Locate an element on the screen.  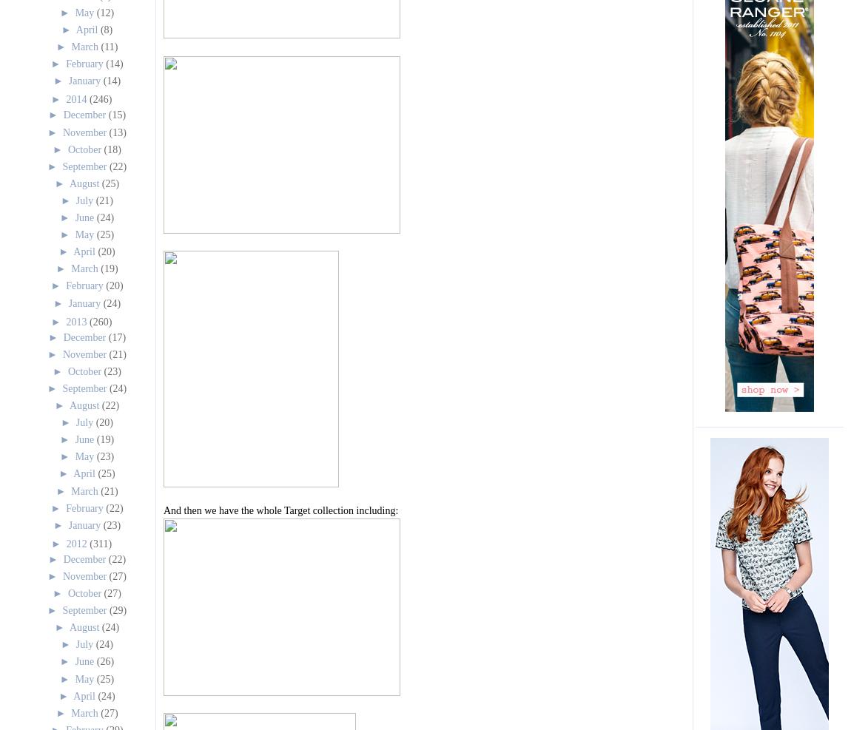
'(29)' is located at coordinates (107, 610).